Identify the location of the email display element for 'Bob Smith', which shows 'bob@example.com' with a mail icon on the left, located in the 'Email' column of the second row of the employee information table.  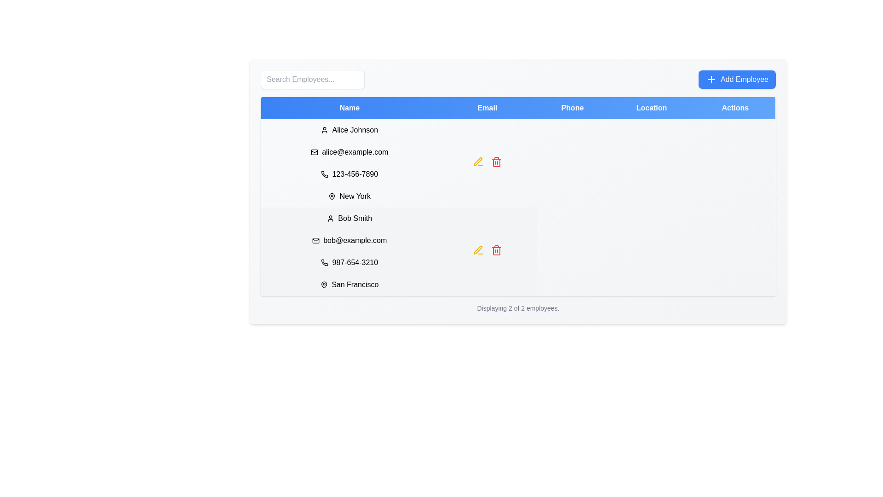
(349, 240).